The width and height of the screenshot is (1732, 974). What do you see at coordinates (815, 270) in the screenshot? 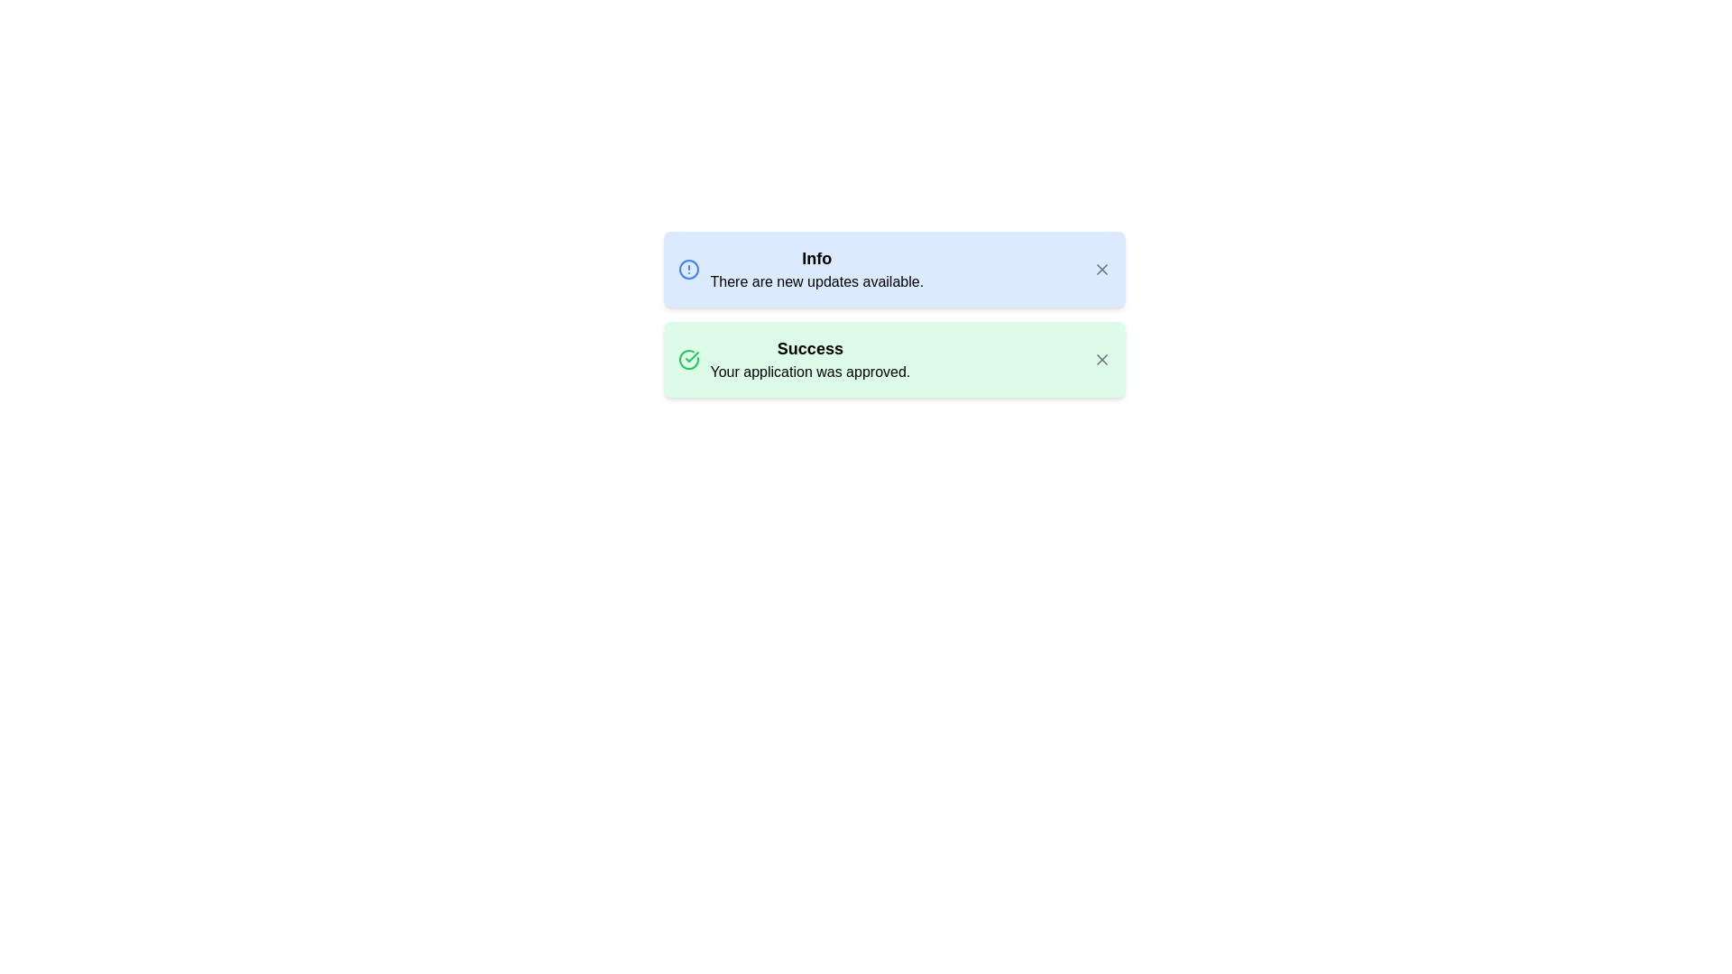
I see `notification content displayed in the label, which includes 'Info' in bold and 'There are new updates available.' below it` at bounding box center [815, 270].